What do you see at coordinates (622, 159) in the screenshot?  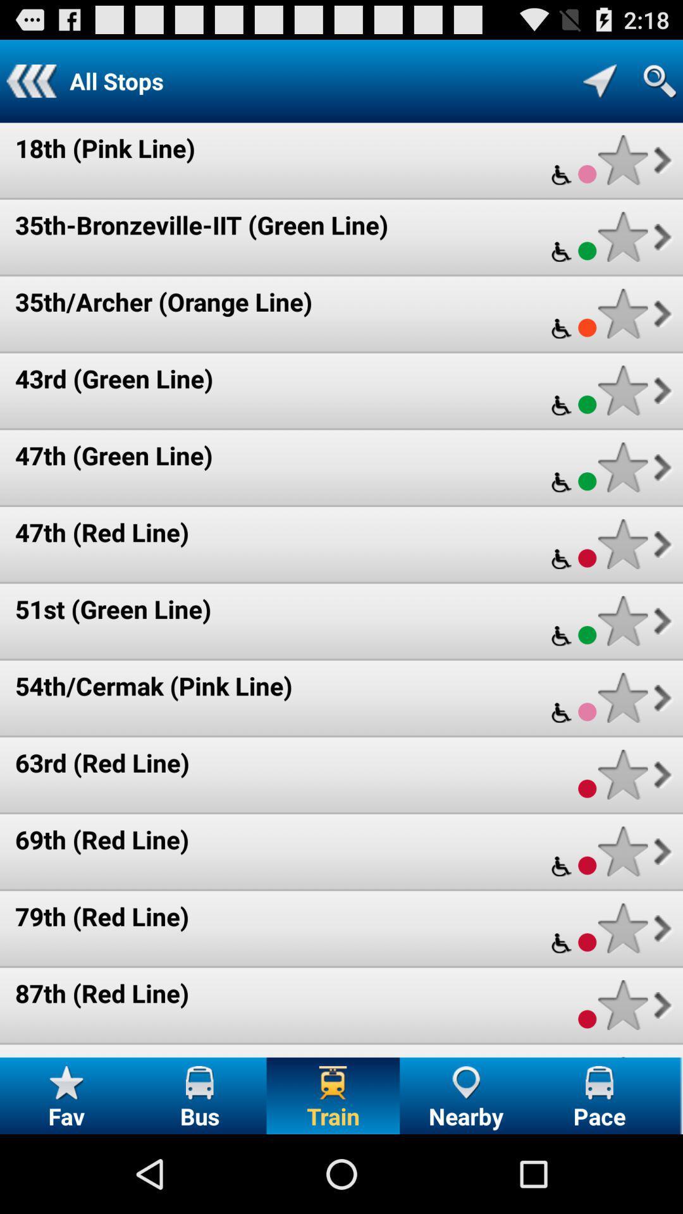 I see `train stop` at bounding box center [622, 159].